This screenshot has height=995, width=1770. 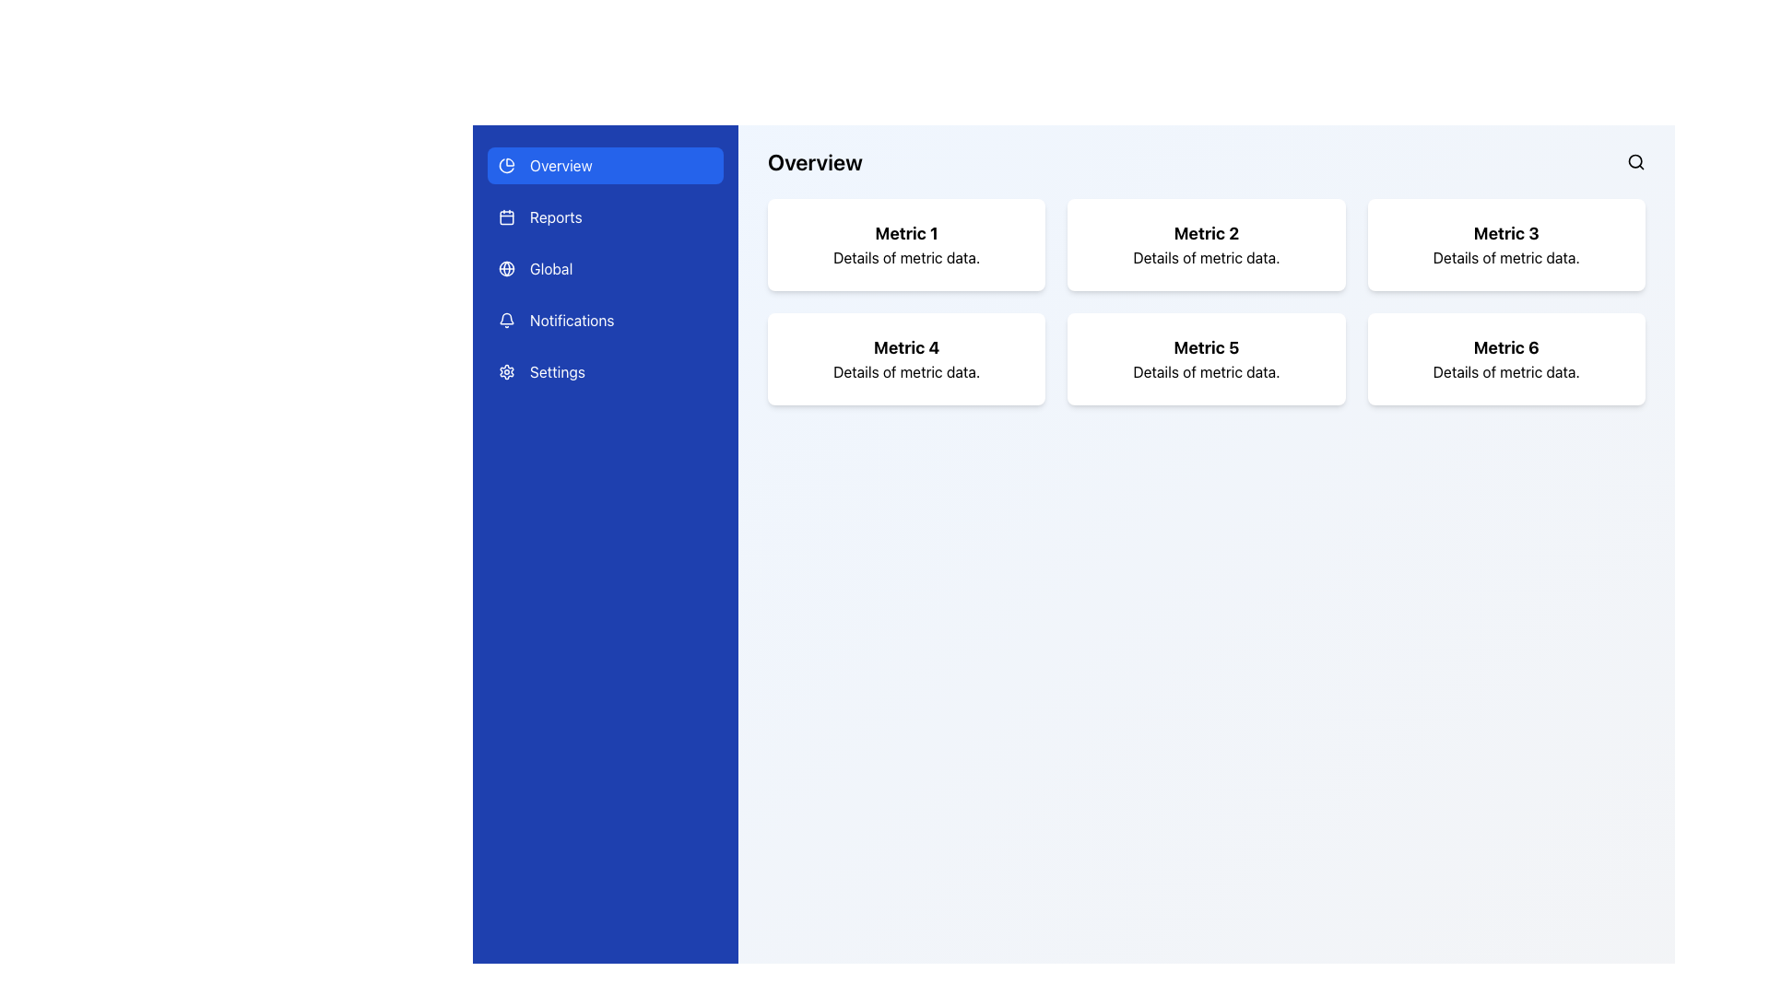 What do you see at coordinates (507, 217) in the screenshot?
I see `the blue calendar icon, which is the second icon in the main navigation menu on the left-hand side` at bounding box center [507, 217].